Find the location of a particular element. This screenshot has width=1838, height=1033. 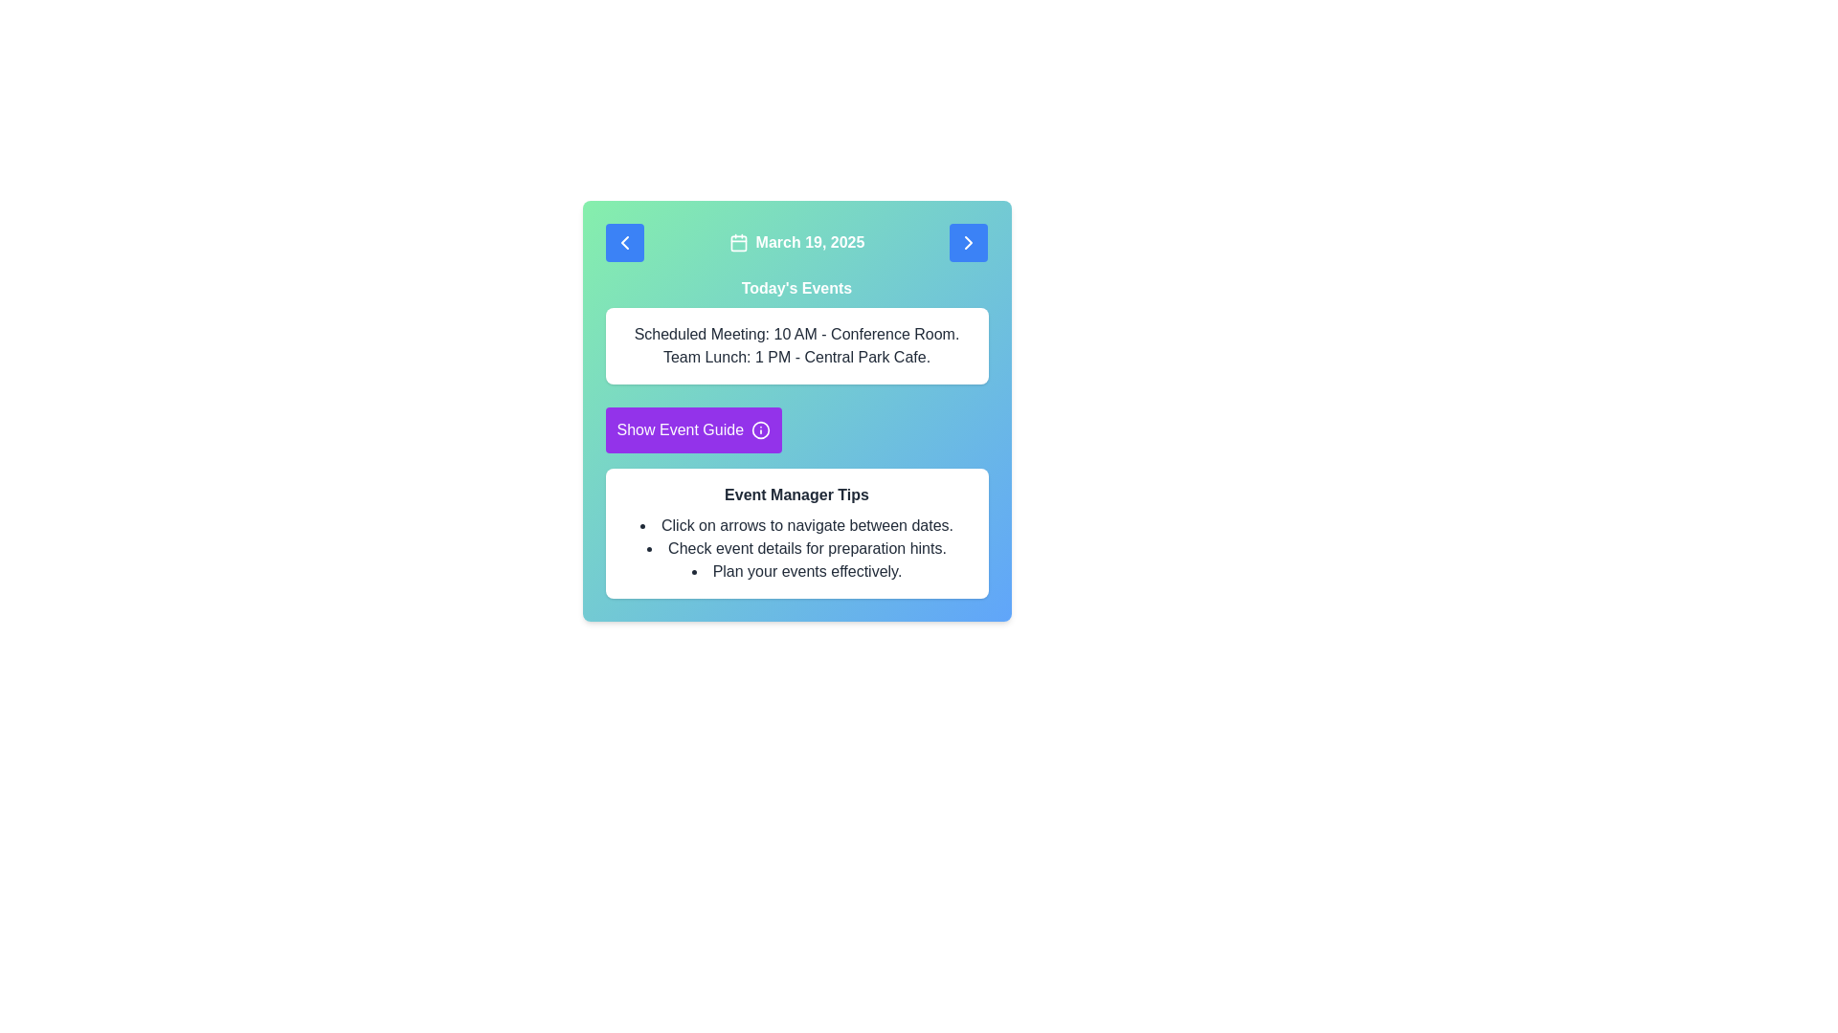

the circular element styled as a filled circle within the 'info' icon, which is located adjacent to the purple button labeled 'Show Event Guide' is located at coordinates (760, 430).